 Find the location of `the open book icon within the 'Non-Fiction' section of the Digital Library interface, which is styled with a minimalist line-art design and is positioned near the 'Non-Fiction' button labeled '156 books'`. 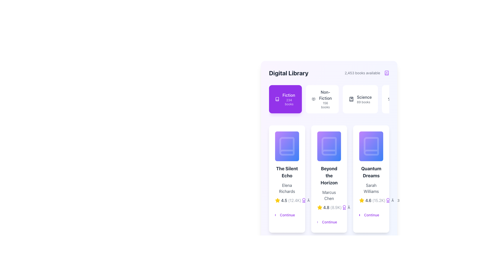

the open book icon within the 'Non-Fiction' section of the Digital Library interface, which is styled with a minimalist line-art design and is positioned near the 'Non-Fiction' button labeled '156 books' is located at coordinates (313, 99).